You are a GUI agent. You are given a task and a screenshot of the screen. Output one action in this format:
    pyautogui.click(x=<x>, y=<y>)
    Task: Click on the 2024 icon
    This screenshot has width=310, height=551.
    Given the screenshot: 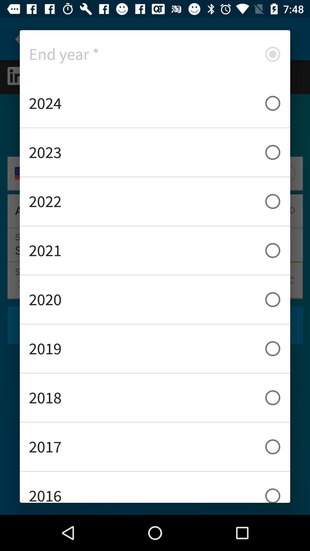 What is the action you would take?
    pyautogui.click(x=155, y=103)
    